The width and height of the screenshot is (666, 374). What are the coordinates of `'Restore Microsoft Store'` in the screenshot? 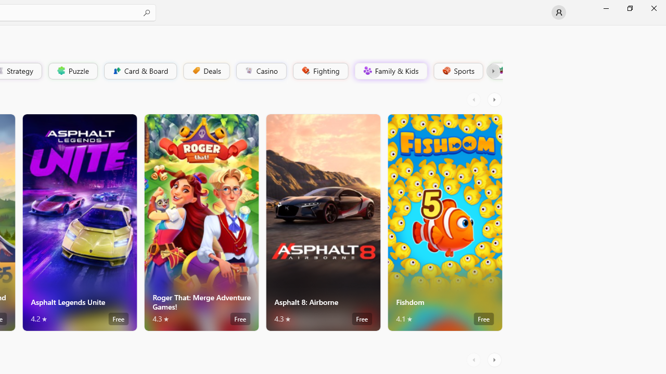 It's located at (629, 8).